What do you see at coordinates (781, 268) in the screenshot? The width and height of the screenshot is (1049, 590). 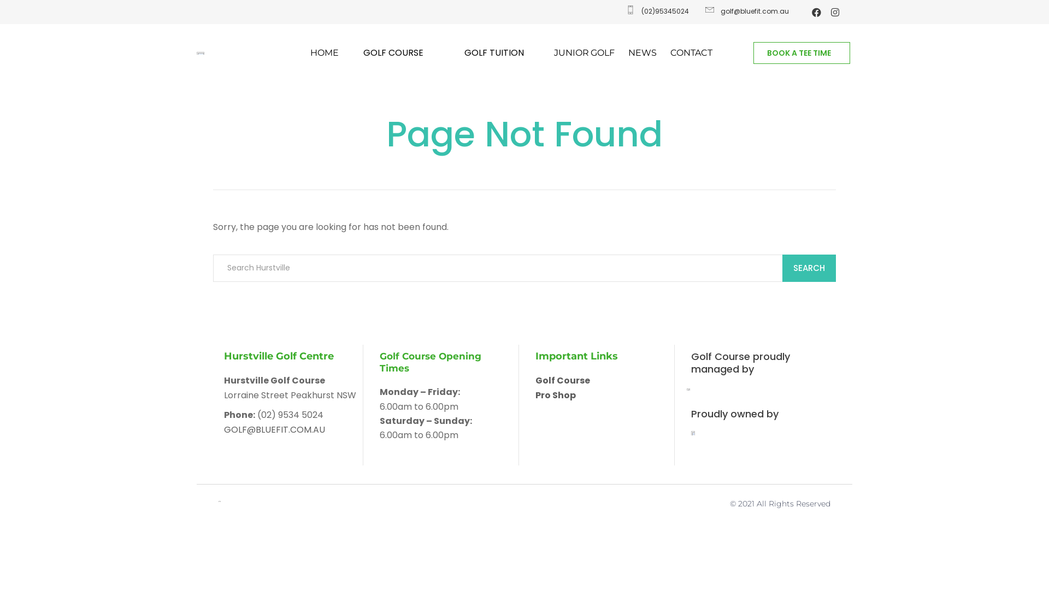 I see `'SEARCH'` at bounding box center [781, 268].